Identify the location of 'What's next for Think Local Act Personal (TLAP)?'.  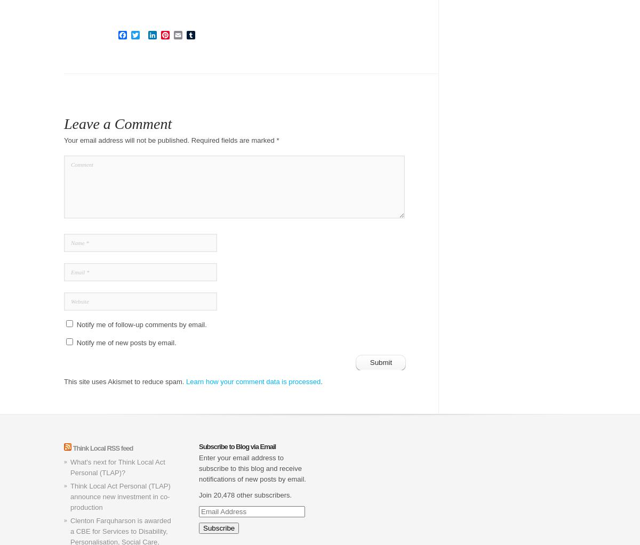
(70, 467).